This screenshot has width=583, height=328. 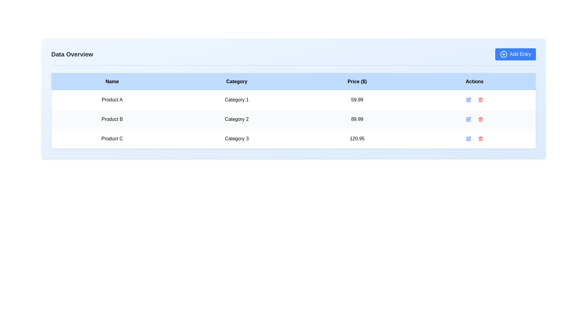 What do you see at coordinates (357, 99) in the screenshot?
I see `the text element displaying the price '59.99' located under the 'Price ($)' column in the table row with 'Product A' in the 'Name' column` at bounding box center [357, 99].